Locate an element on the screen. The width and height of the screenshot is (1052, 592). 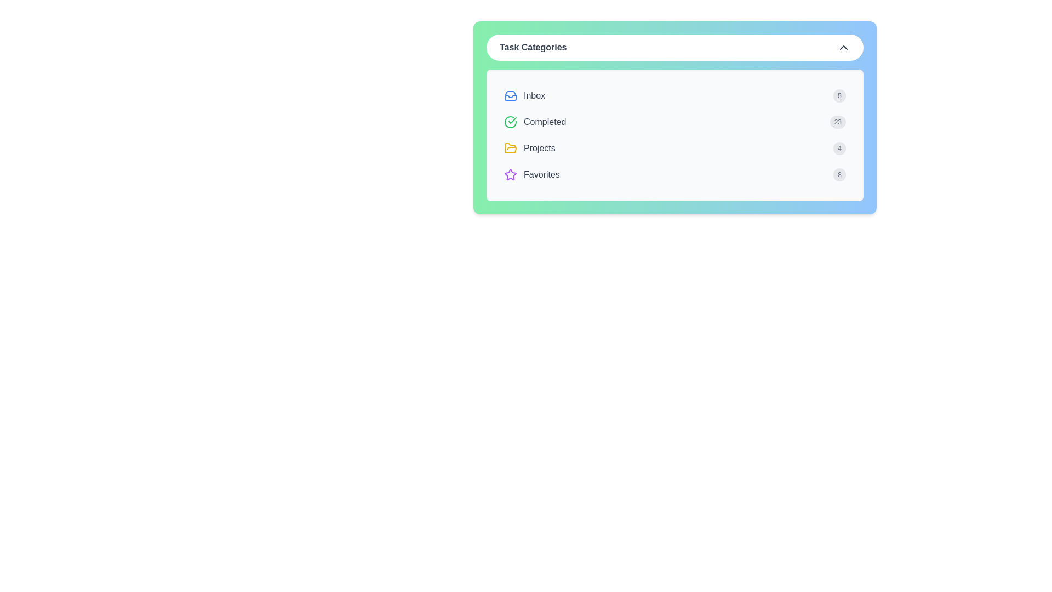
the numerical value displayed on the badge showing '5', located in the upper-right corner of the 'Inbox' line item within the 'Task Categories' section is located at coordinates (839, 95).